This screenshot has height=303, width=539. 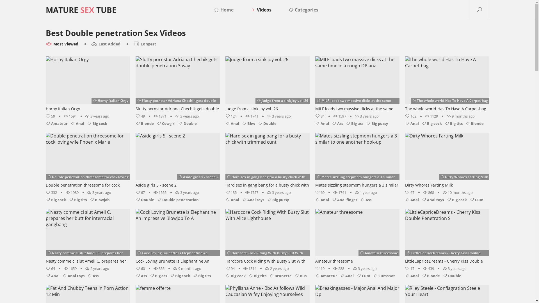 What do you see at coordinates (99, 199) in the screenshot?
I see `'Blowjob'` at bounding box center [99, 199].